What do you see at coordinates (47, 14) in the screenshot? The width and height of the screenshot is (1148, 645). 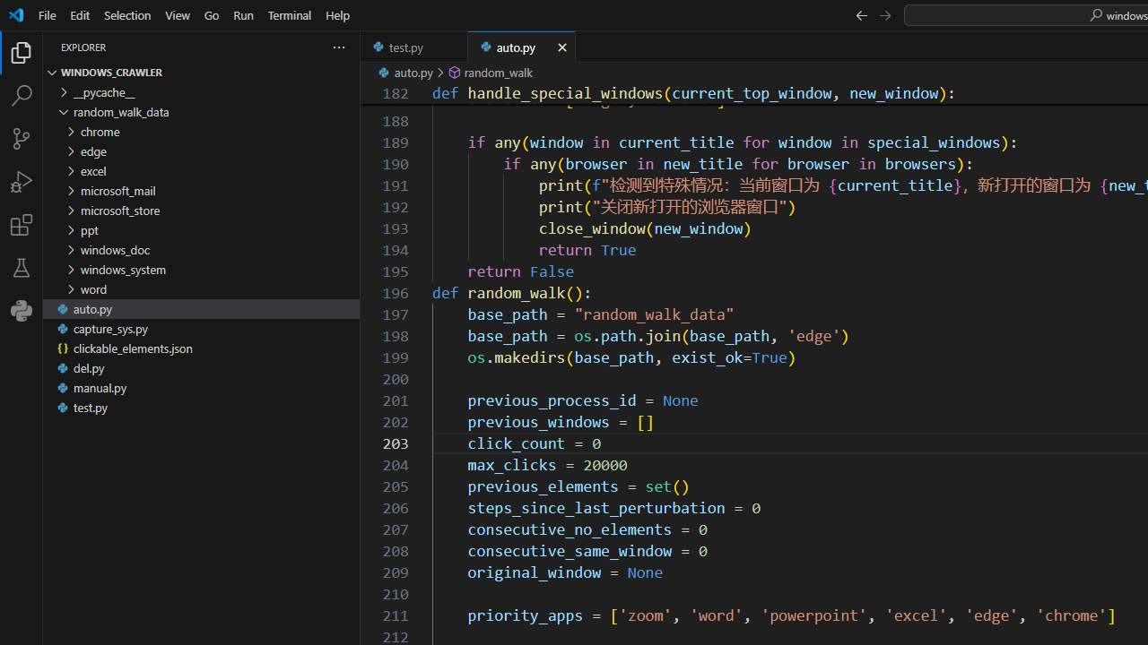 I see `'File'` at bounding box center [47, 14].